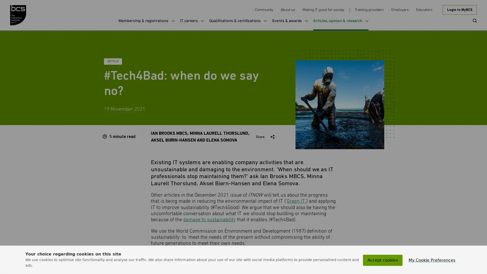  Describe the element at coordinates (290, 24) in the screenshot. I see `Events & awards` at that location.